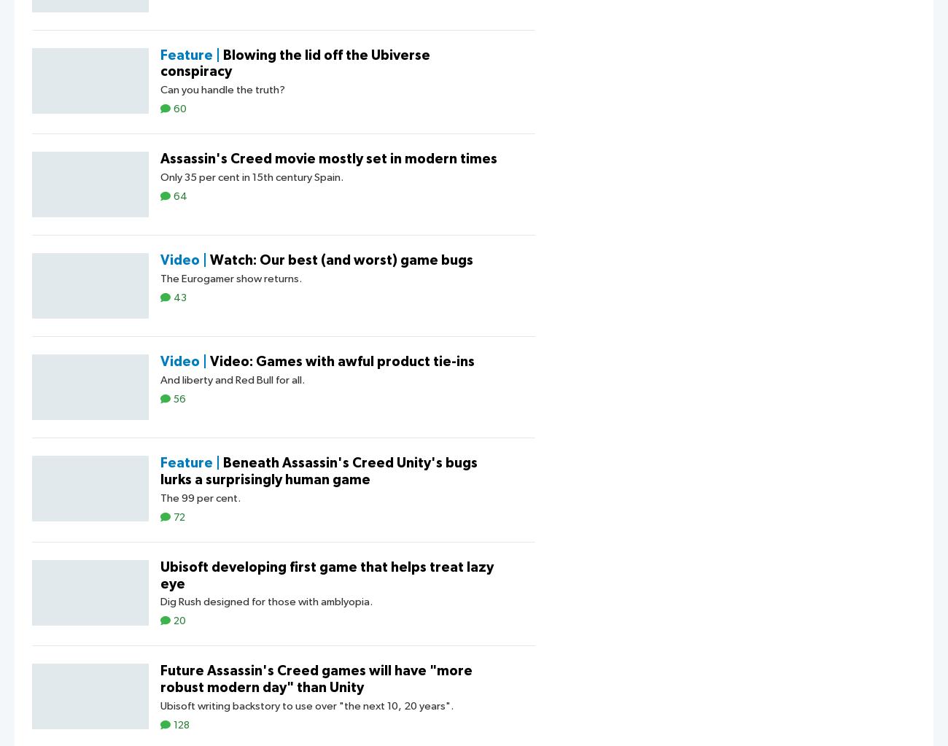 This screenshot has height=746, width=948. What do you see at coordinates (179, 196) in the screenshot?
I see `'64'` at bounding box center [179, 196].